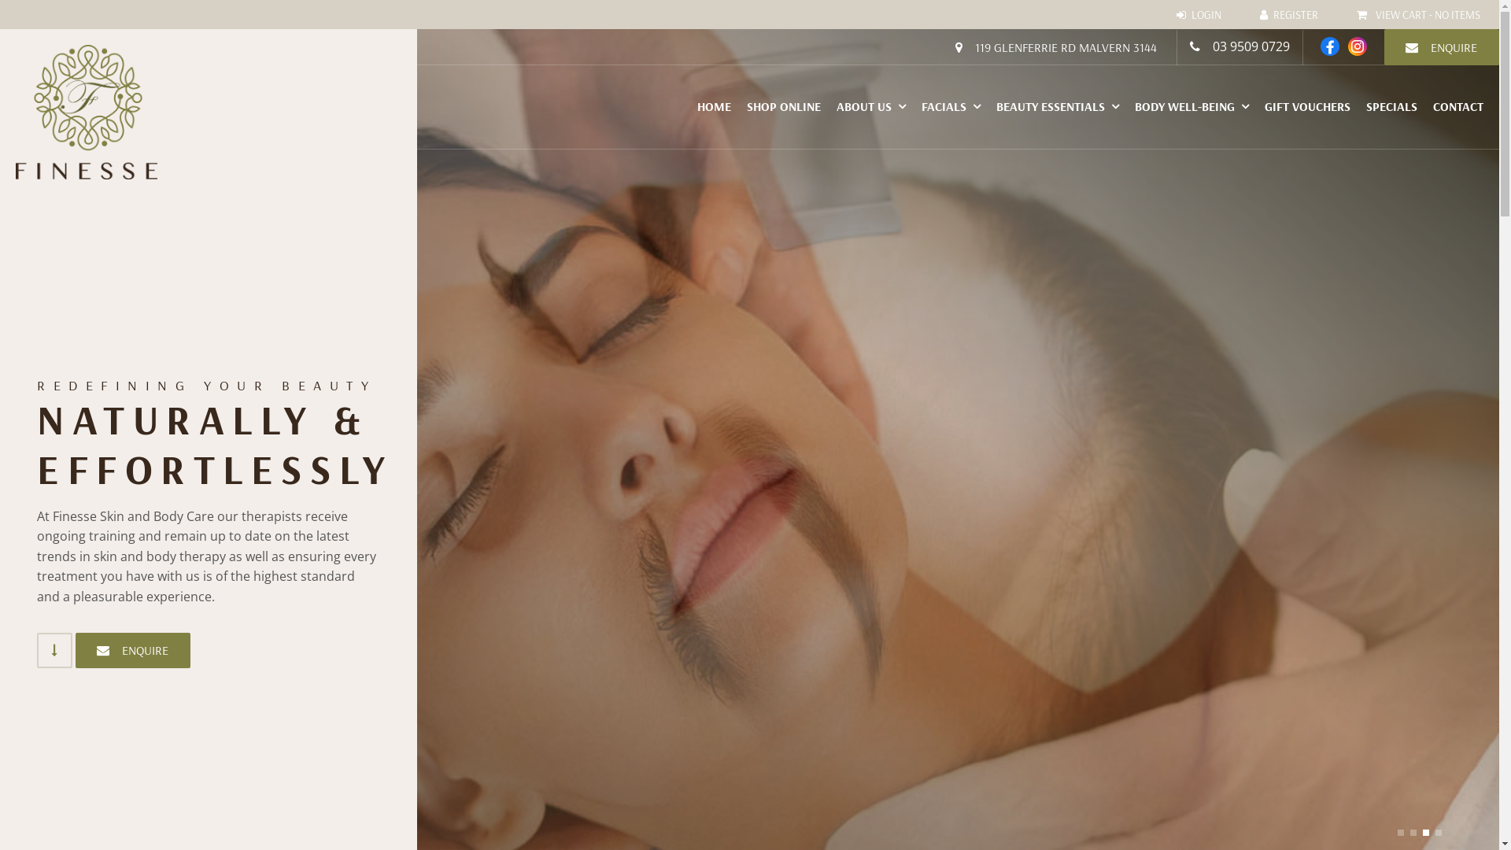 This screenshot has height=850, width=1511. What do you see at coordinates (132, 650) in the screenshot?
I see `'ENQUIRE'` at bounding box center [132, 650].